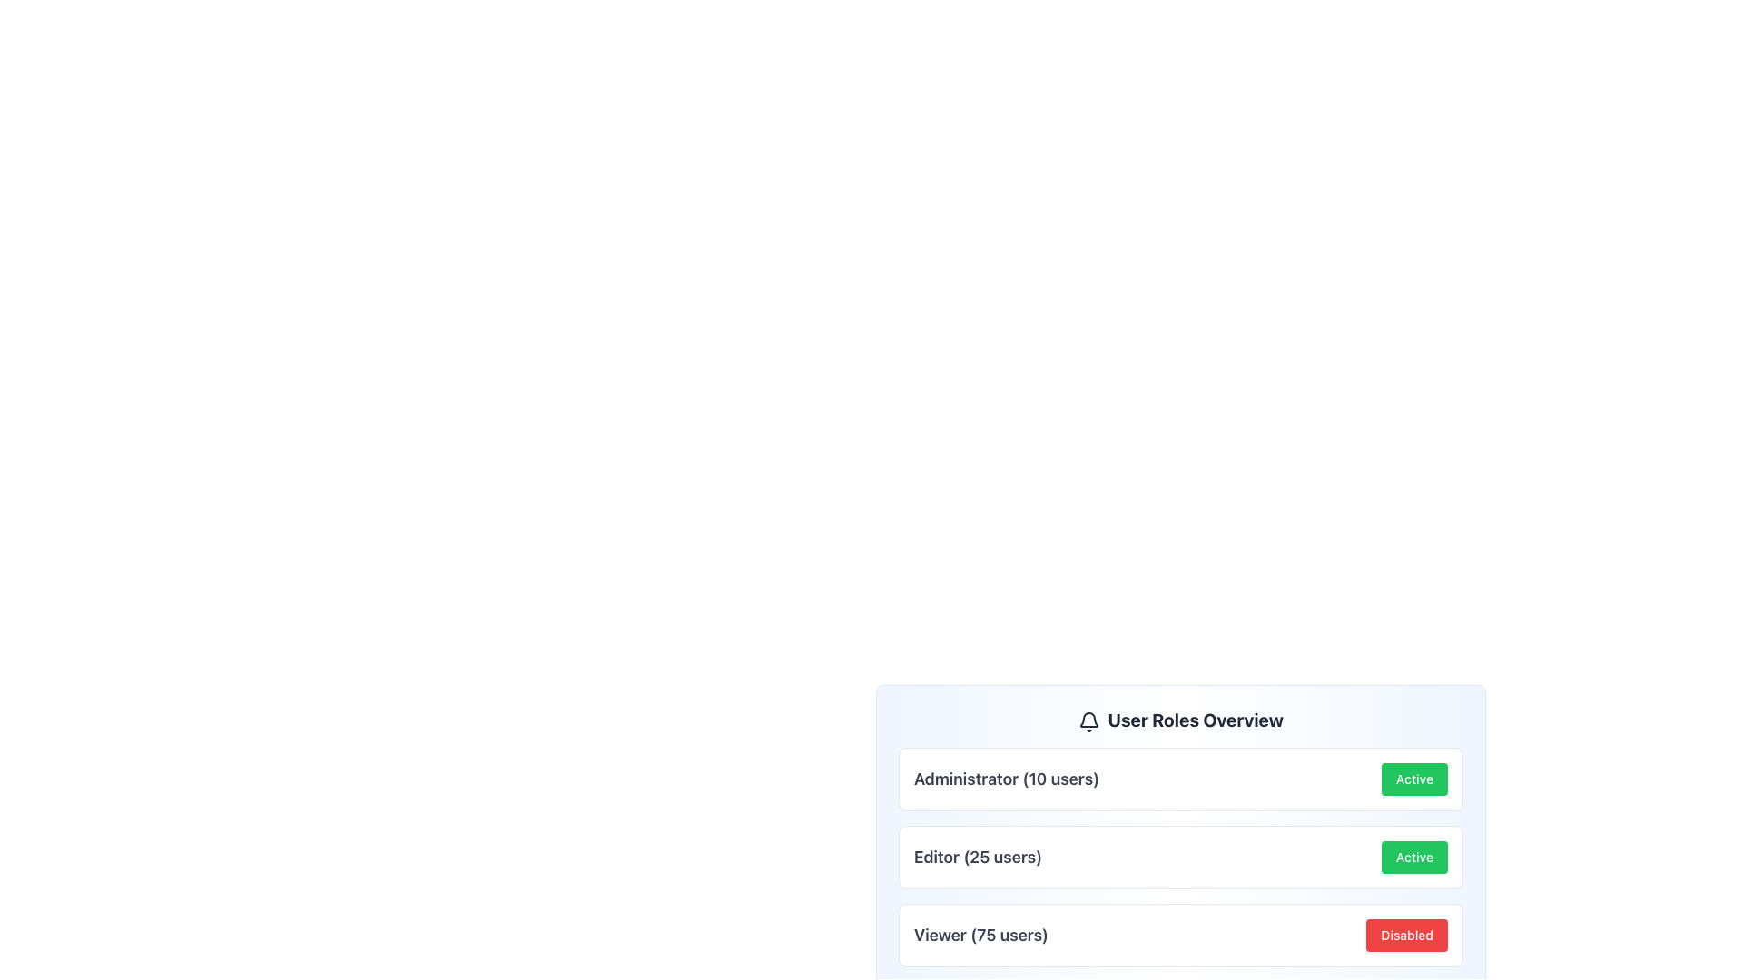 This screenshot has width=1743, height=980. What do you see at coordinates (1413, 779) in the screenshot?
I see `the 'Active' status button located at the right end of the 'Administrator (10 users)' row, within the first white rectangular card` at bounding box center [1413, 779].